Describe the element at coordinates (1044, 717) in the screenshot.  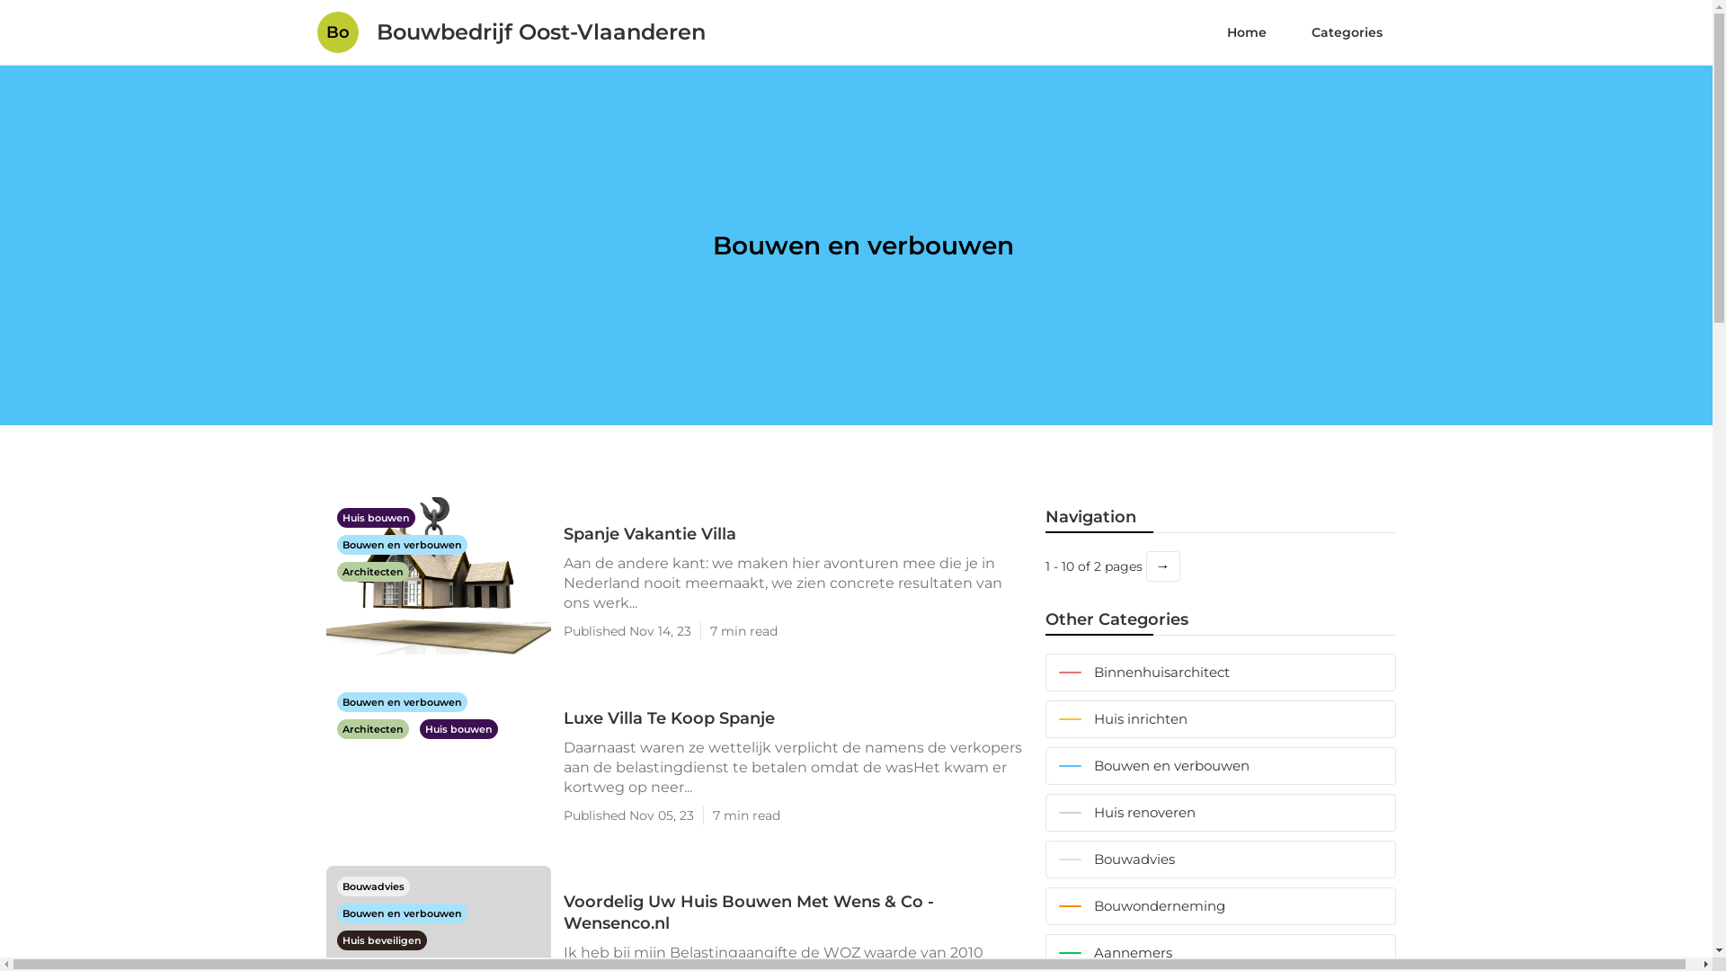
I see `'Huis inrichten'` at that location.